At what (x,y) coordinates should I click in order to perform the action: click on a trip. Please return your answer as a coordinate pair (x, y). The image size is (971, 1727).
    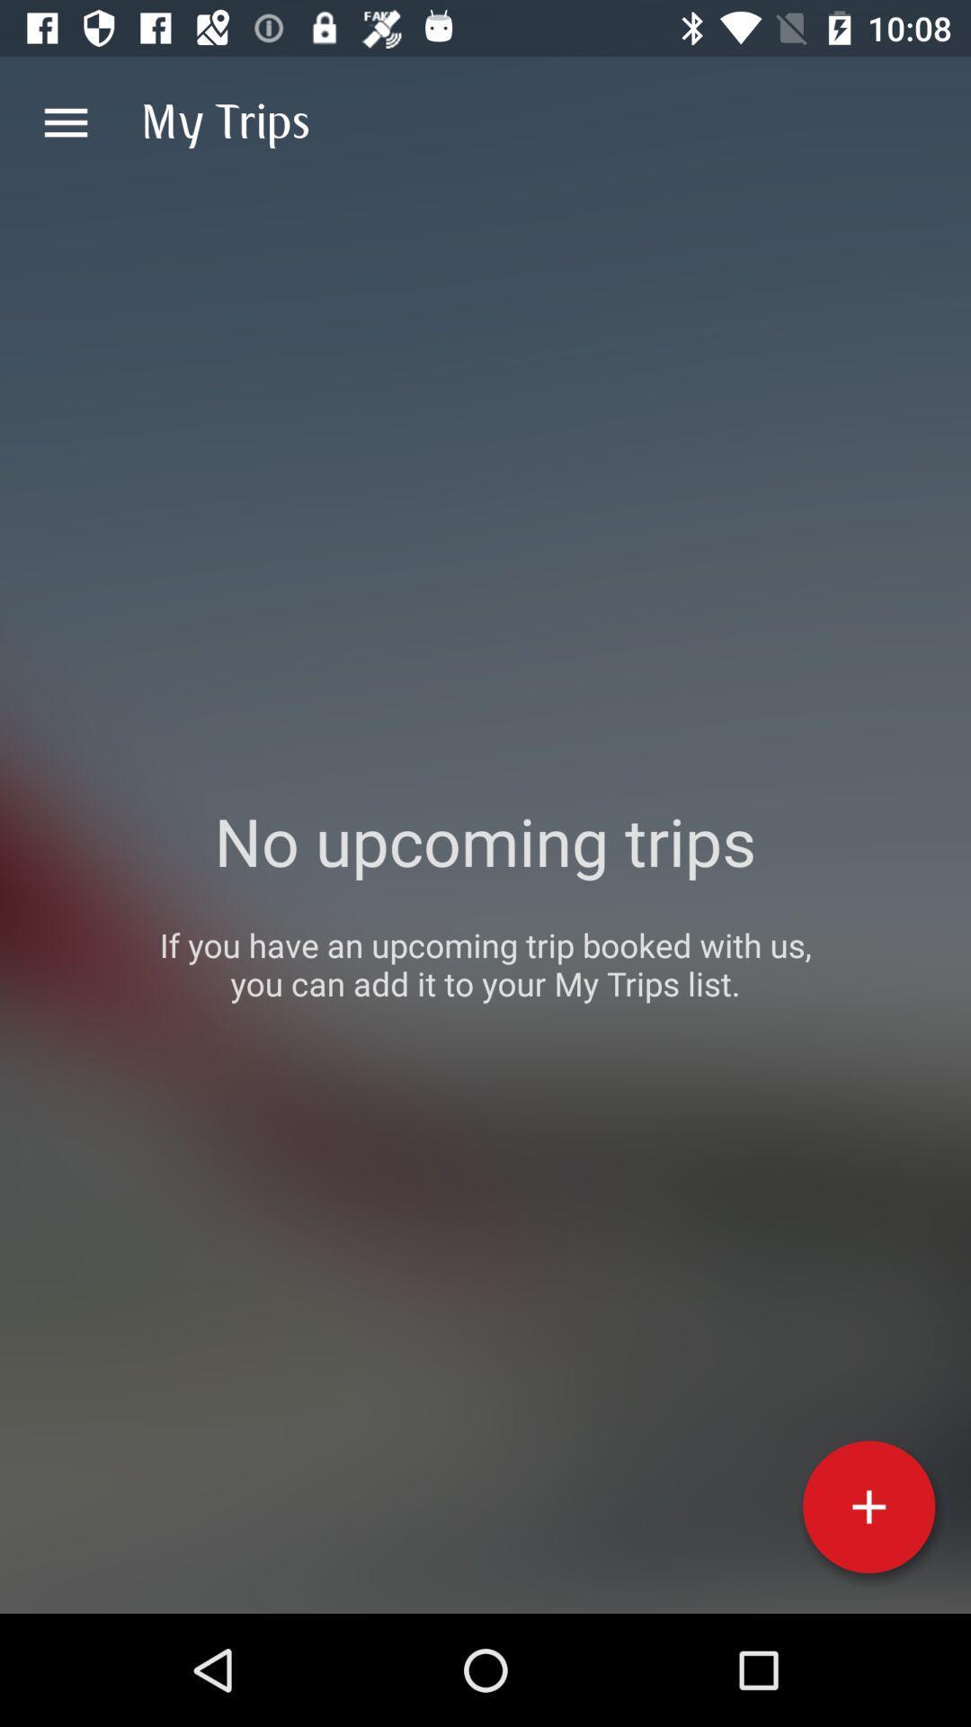
    Looking at the image, I should click on (868, 1507).